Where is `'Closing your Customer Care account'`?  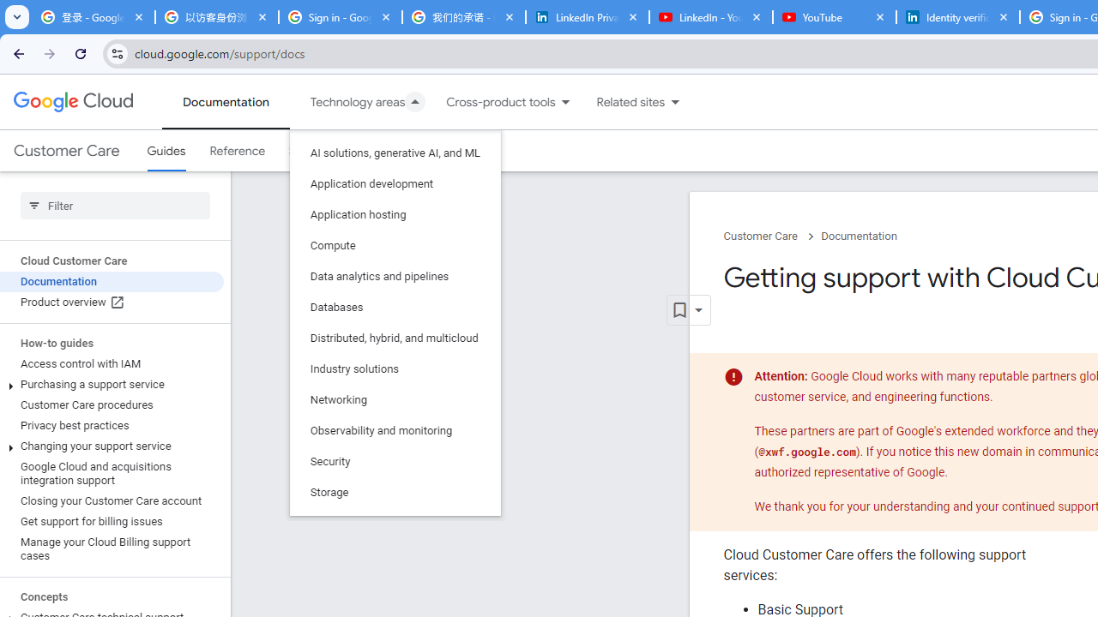 'Closing your Customer Care account' is located at coordinates (111, 501).